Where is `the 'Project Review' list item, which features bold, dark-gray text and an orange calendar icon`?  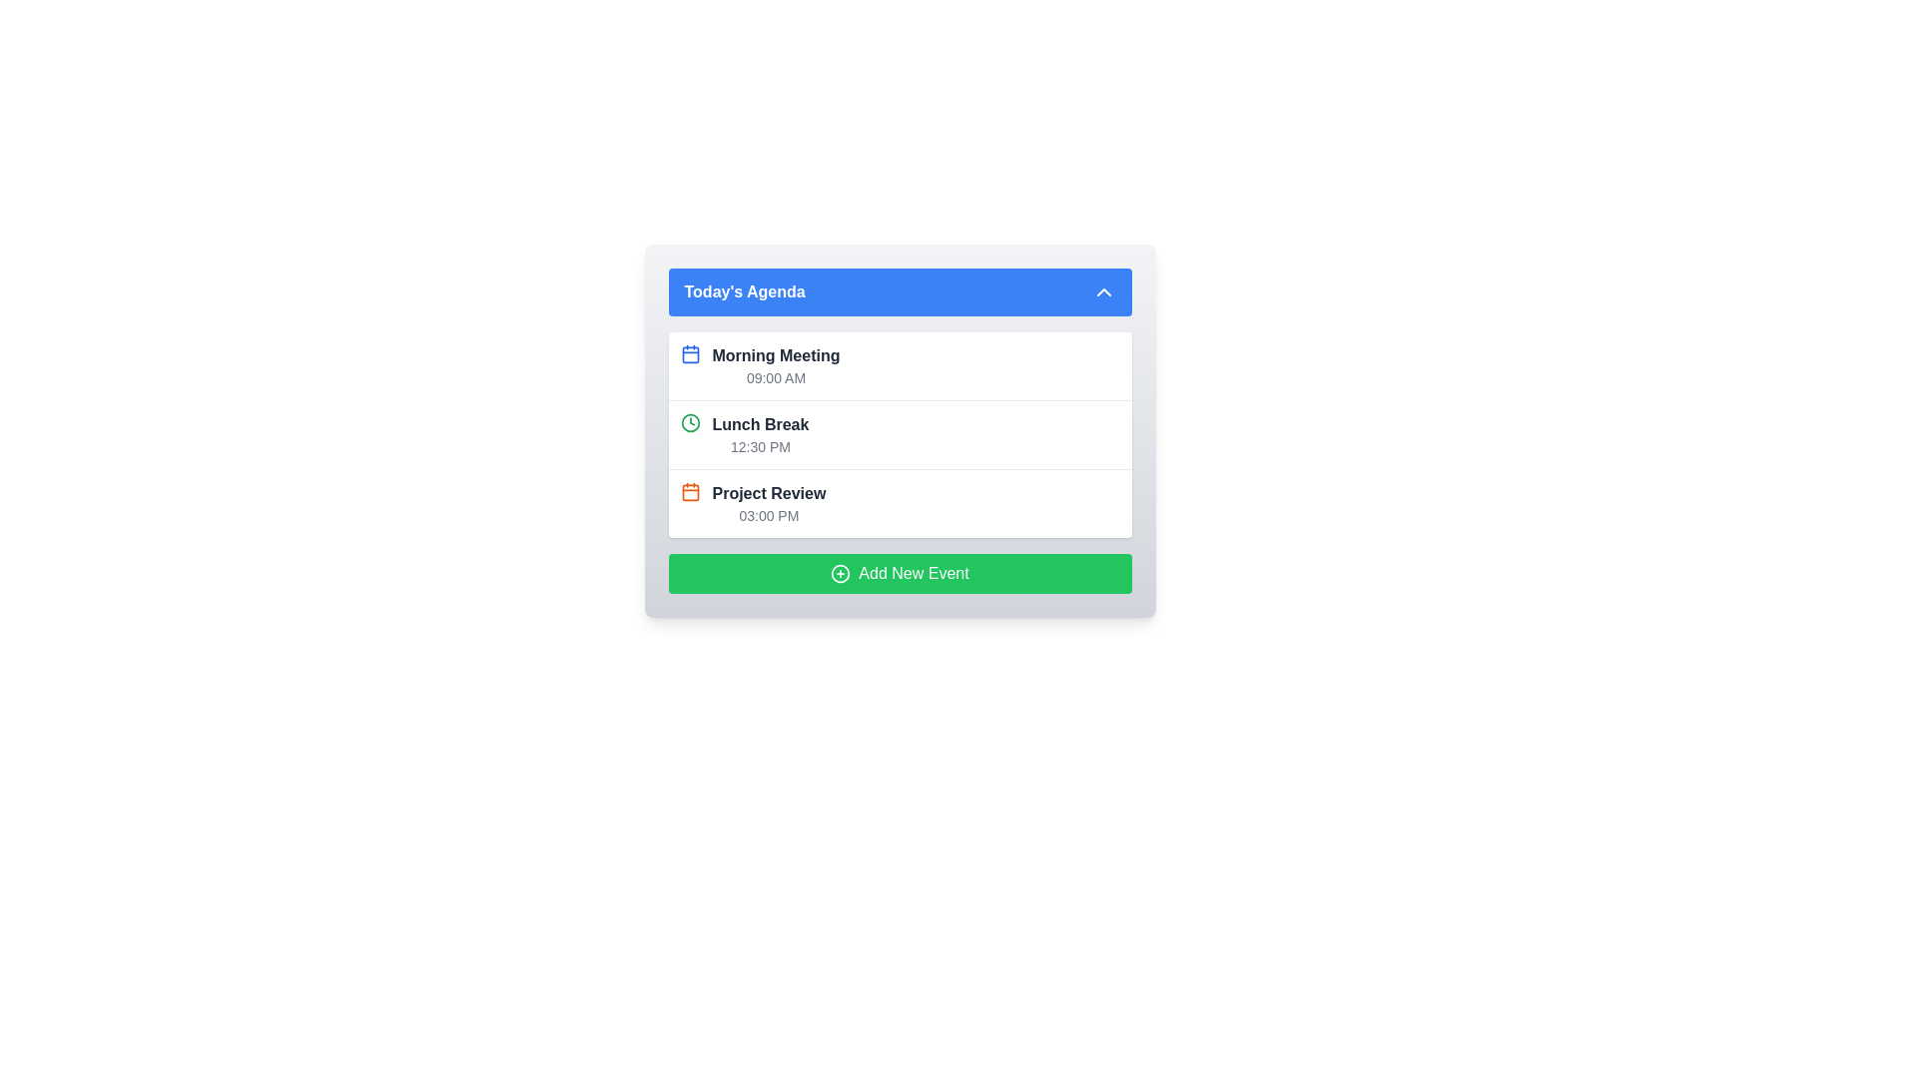
the 'Project Review' list item, which features bold, dark-gray text and an orange calendar icon is located at coordinates (768, 503).